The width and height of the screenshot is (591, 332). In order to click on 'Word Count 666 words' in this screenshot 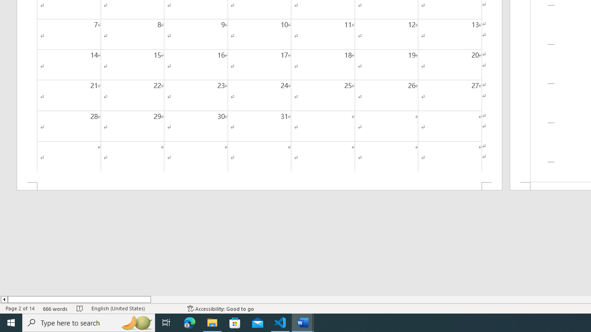, I will do `click(55, 308)`.